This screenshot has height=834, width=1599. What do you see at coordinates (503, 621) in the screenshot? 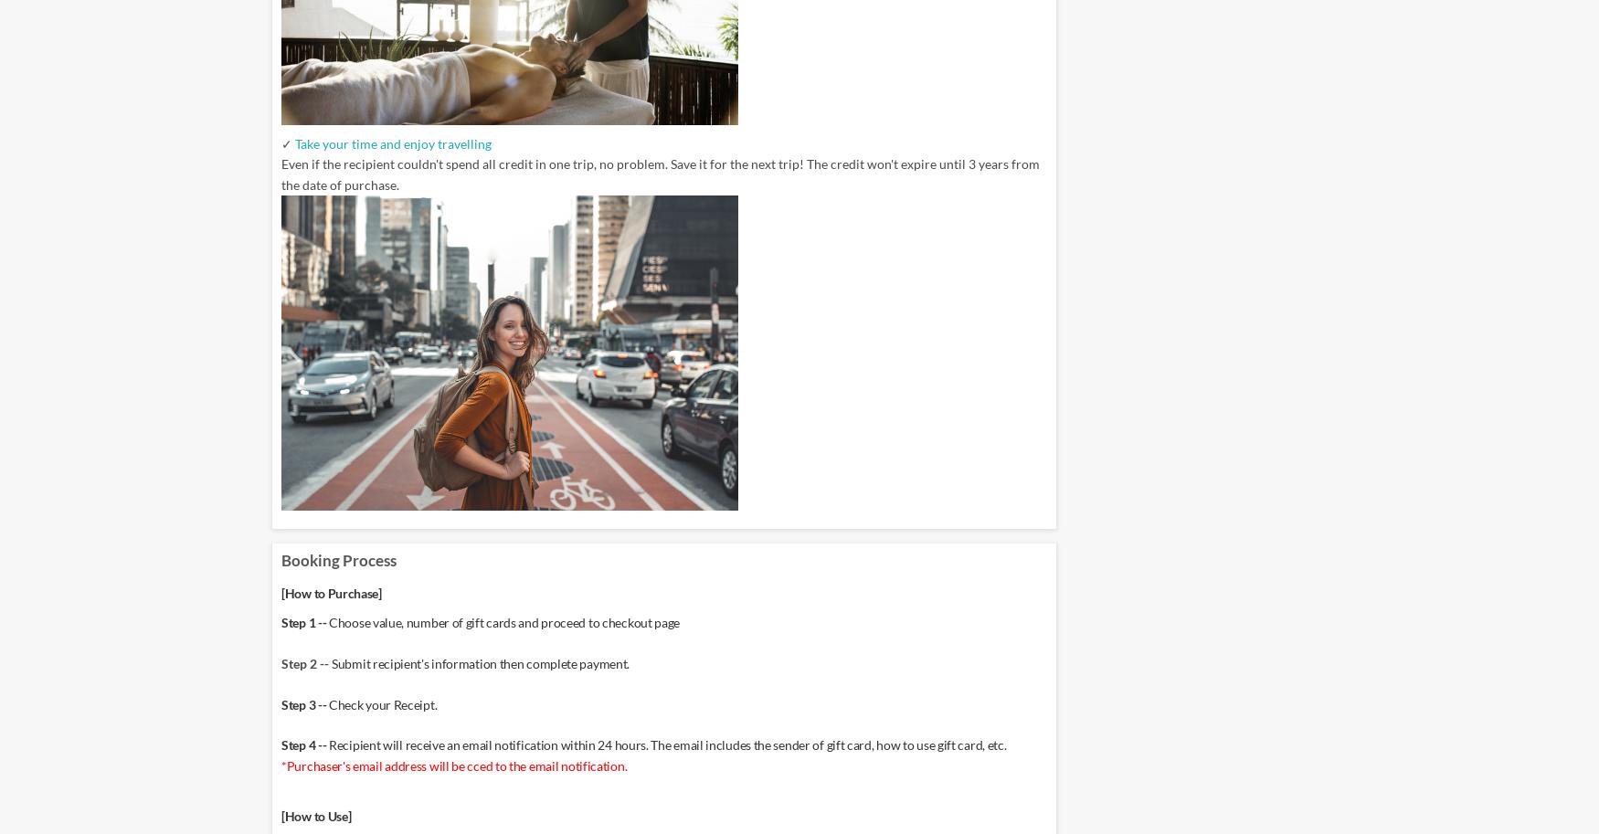
I see `'Choose value, number of gift cards and proceed to checkout page'` at bounding box center [503, 621].